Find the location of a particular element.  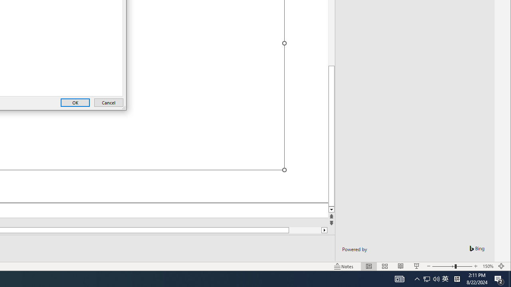

'AutomationID: 4105' is located at coordinates (399, 278).